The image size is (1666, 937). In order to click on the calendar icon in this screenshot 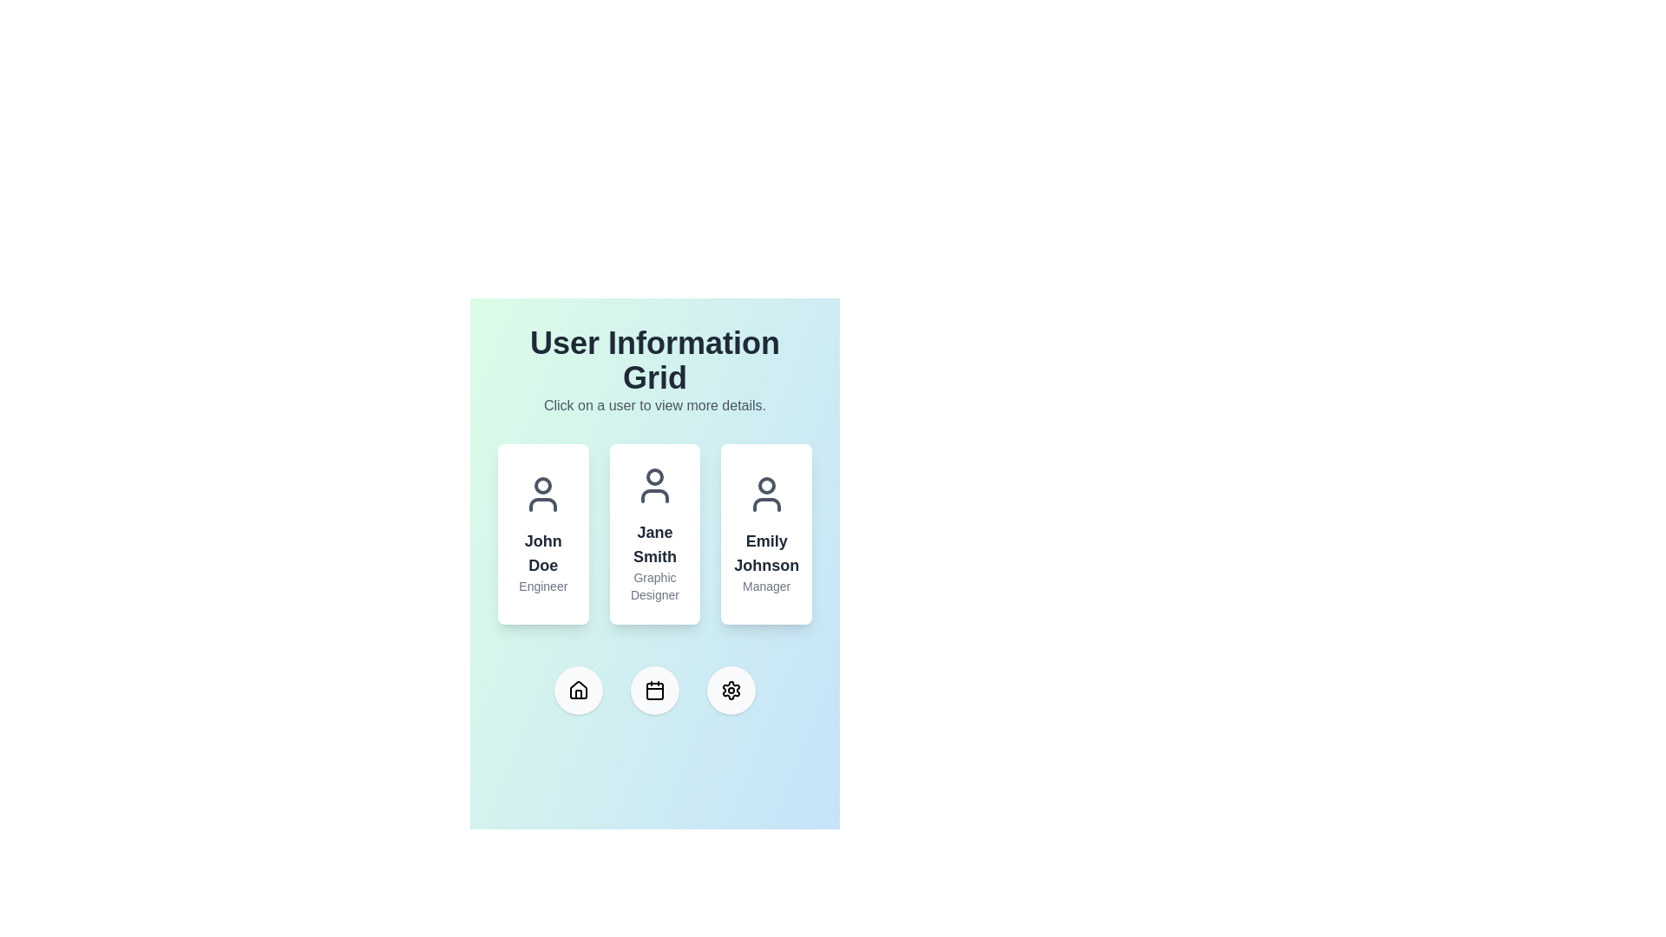, I will do `click(653, 689)`.